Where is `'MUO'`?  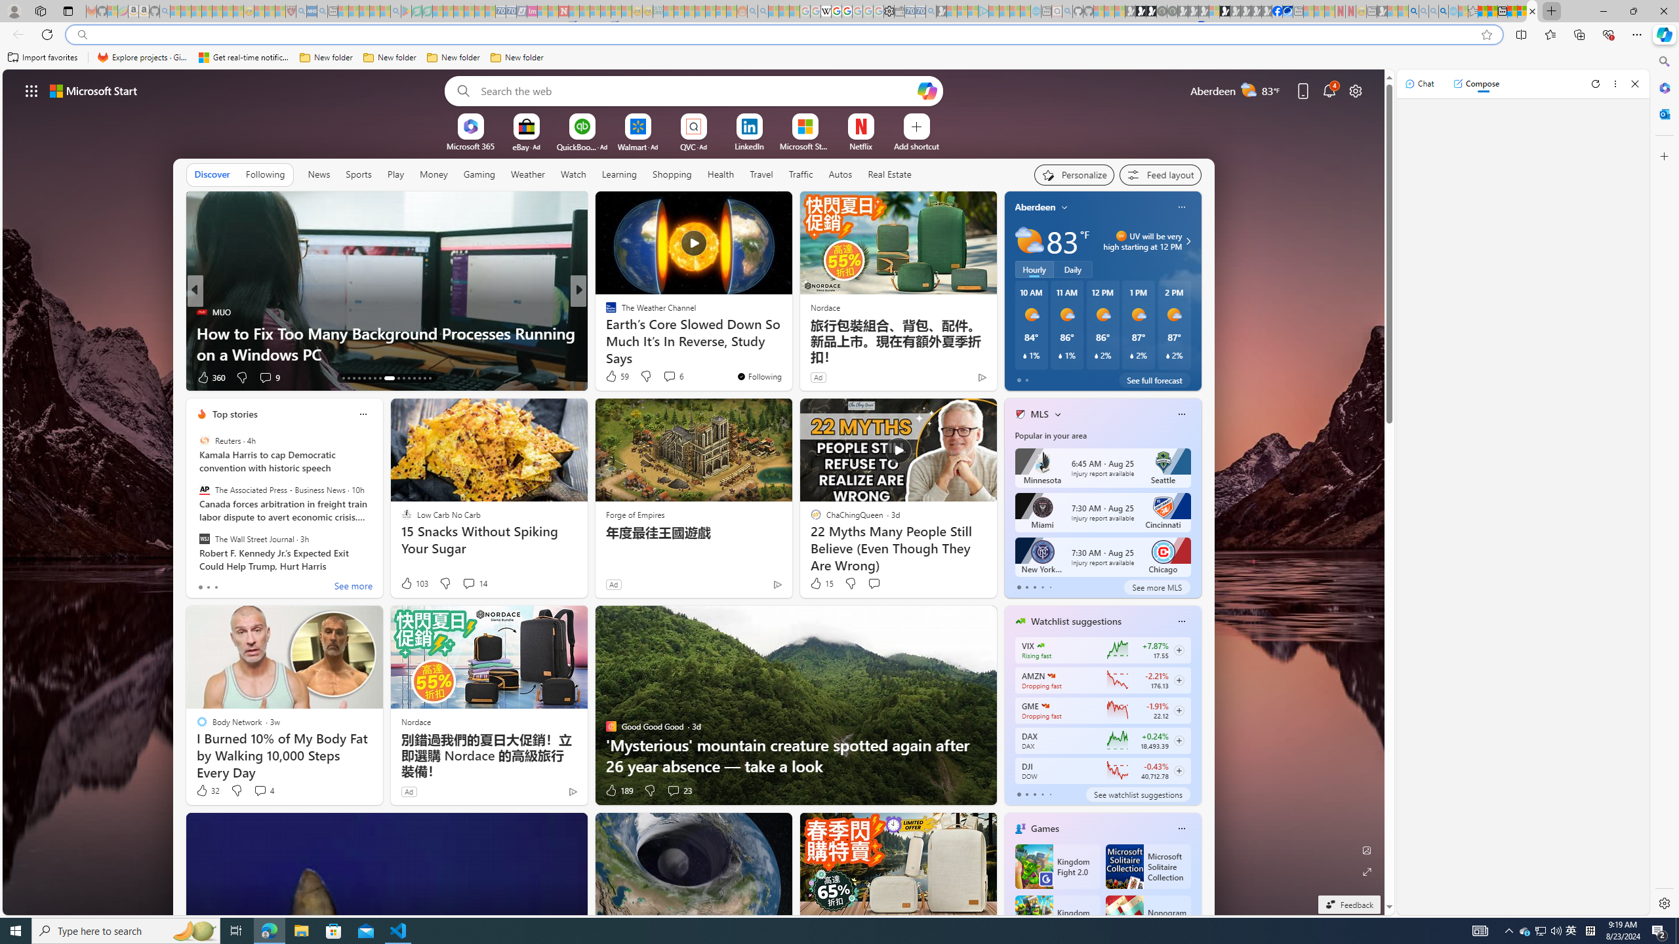 'MUO' is located at coordinates (201, 311).